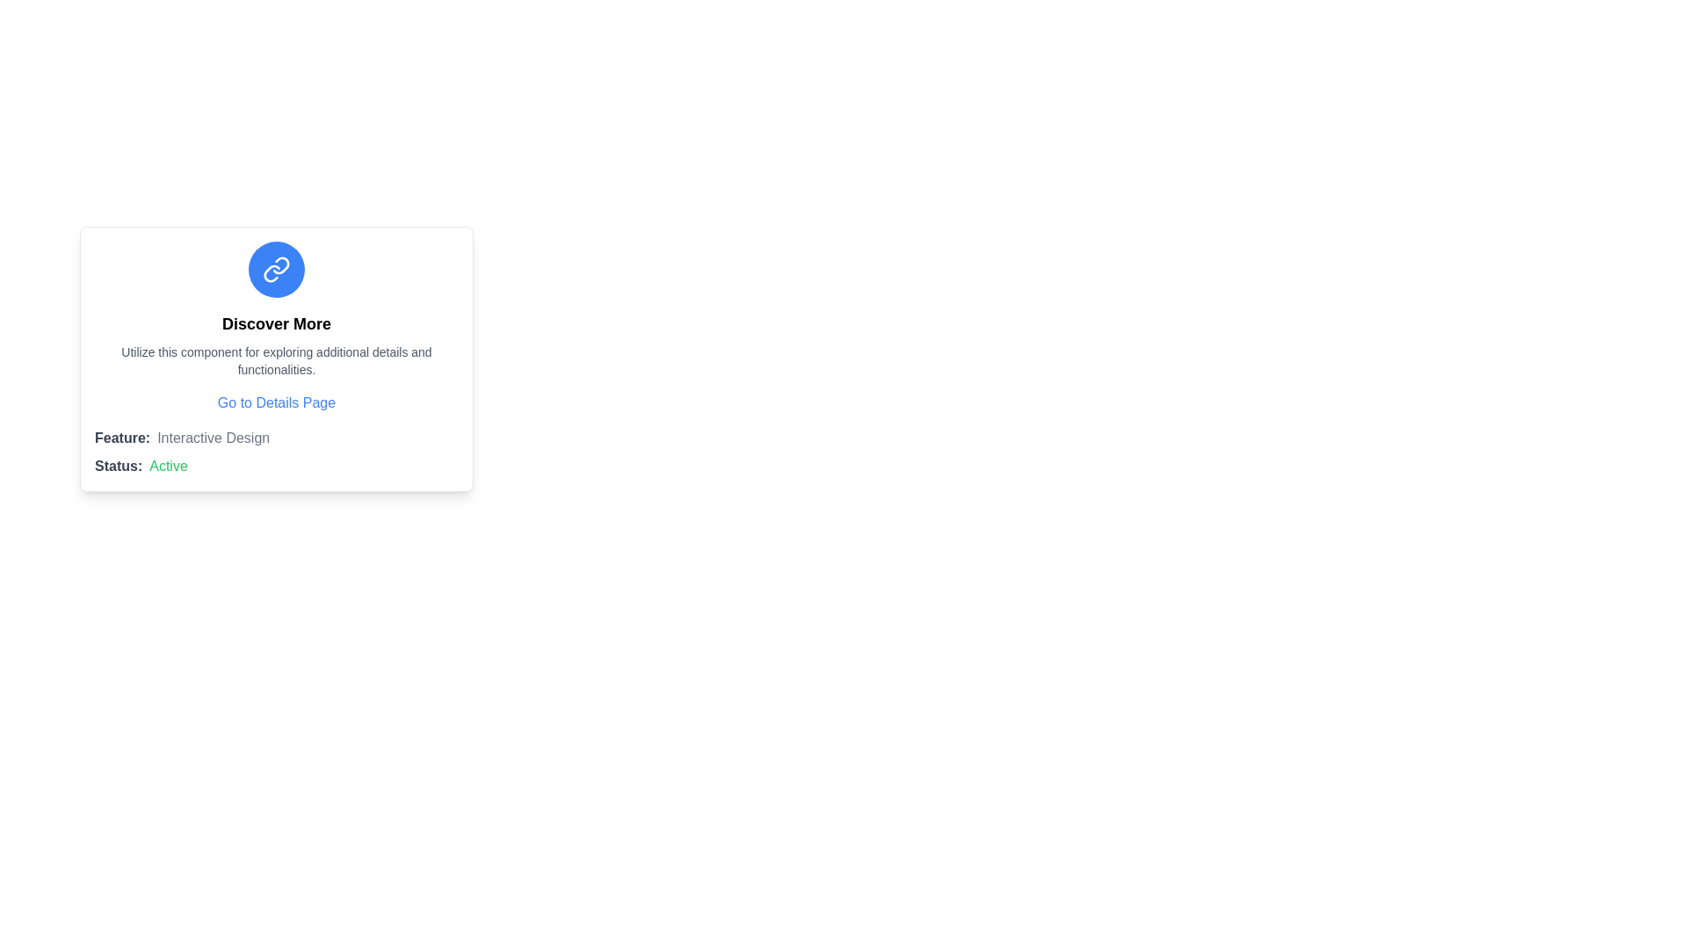  I want to click on the Text Link located centrally below the main descriptive section within its card-like layout to change its text color, so click(276, 403).